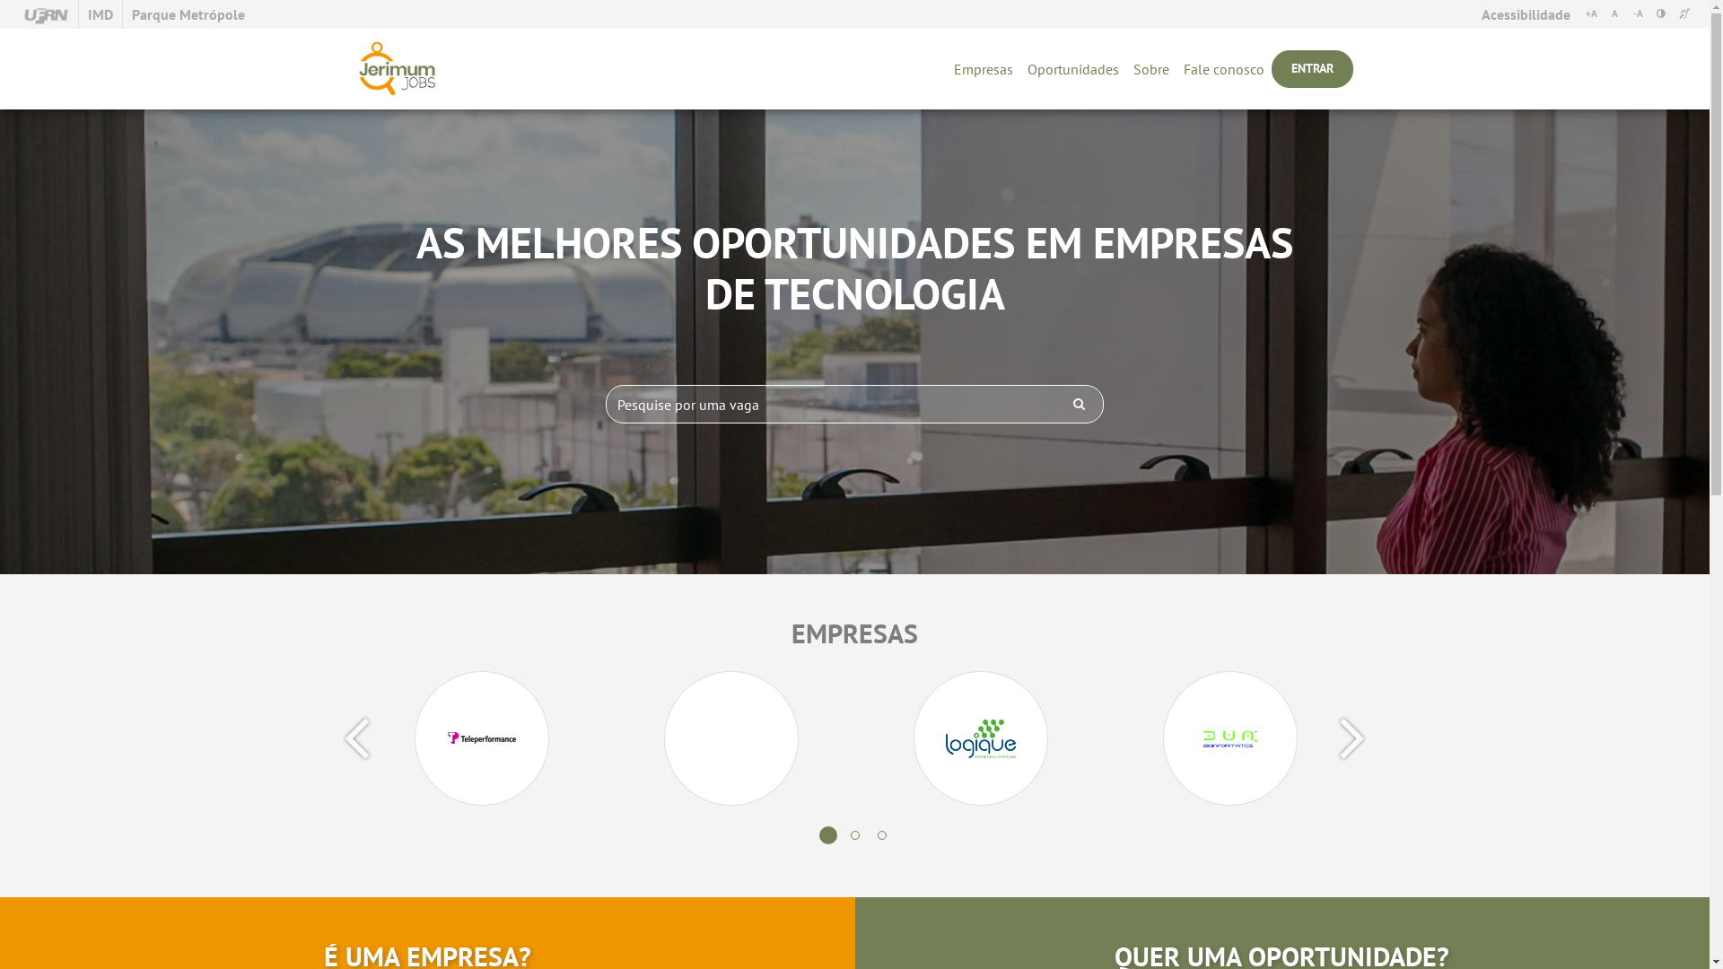 Image resolution: width=1723 pixels, height=969 pixels. What do you see at coordinates (1150, 68) in the screenshot?
I see `'Sobre'` at bounding box center [1150, 68].